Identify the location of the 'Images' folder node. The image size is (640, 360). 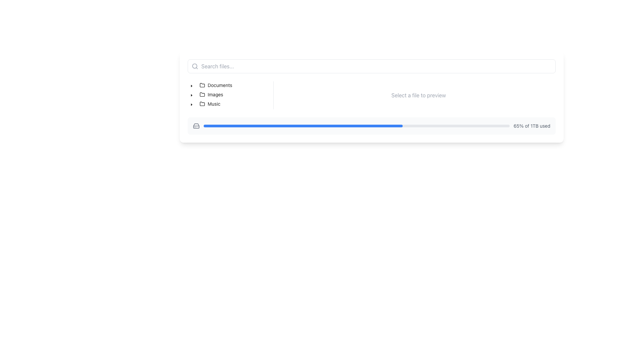
(211, 95).